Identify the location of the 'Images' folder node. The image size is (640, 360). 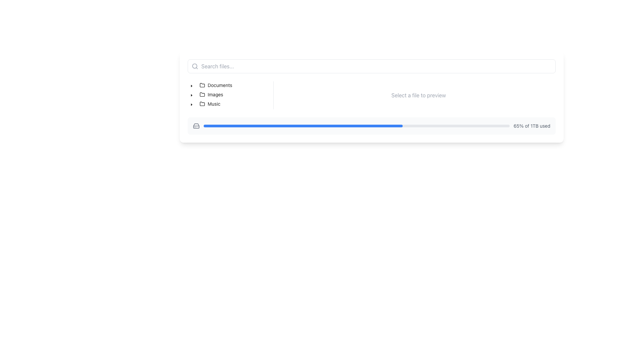
(211, 95).